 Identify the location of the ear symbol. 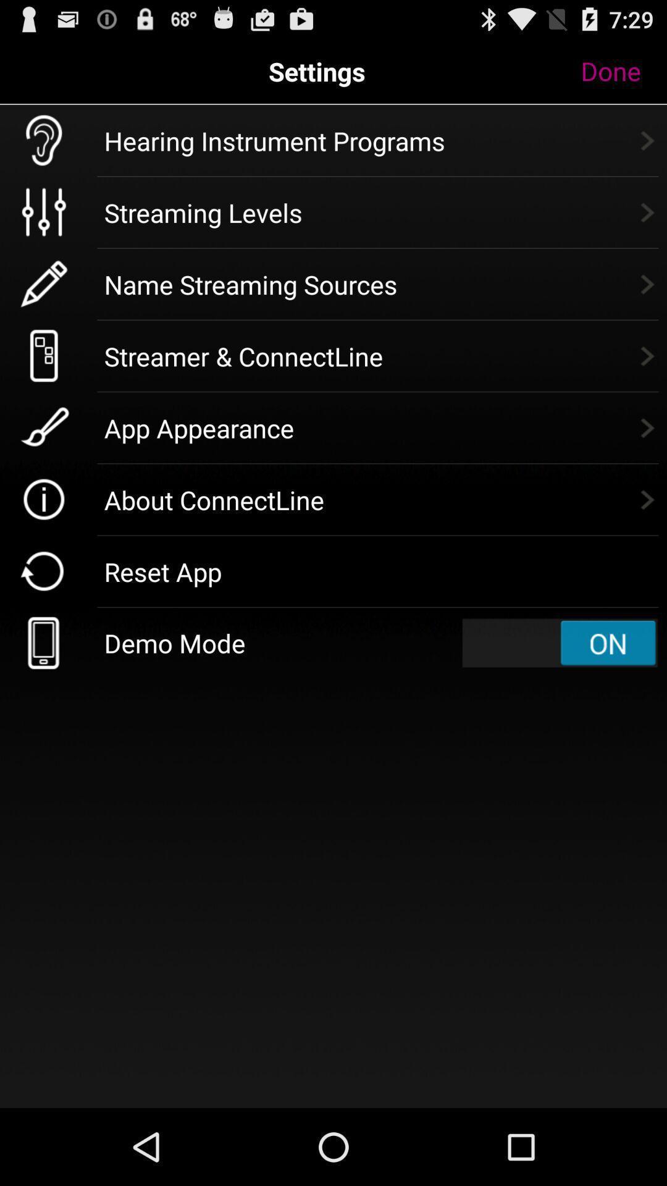
(43, 140).